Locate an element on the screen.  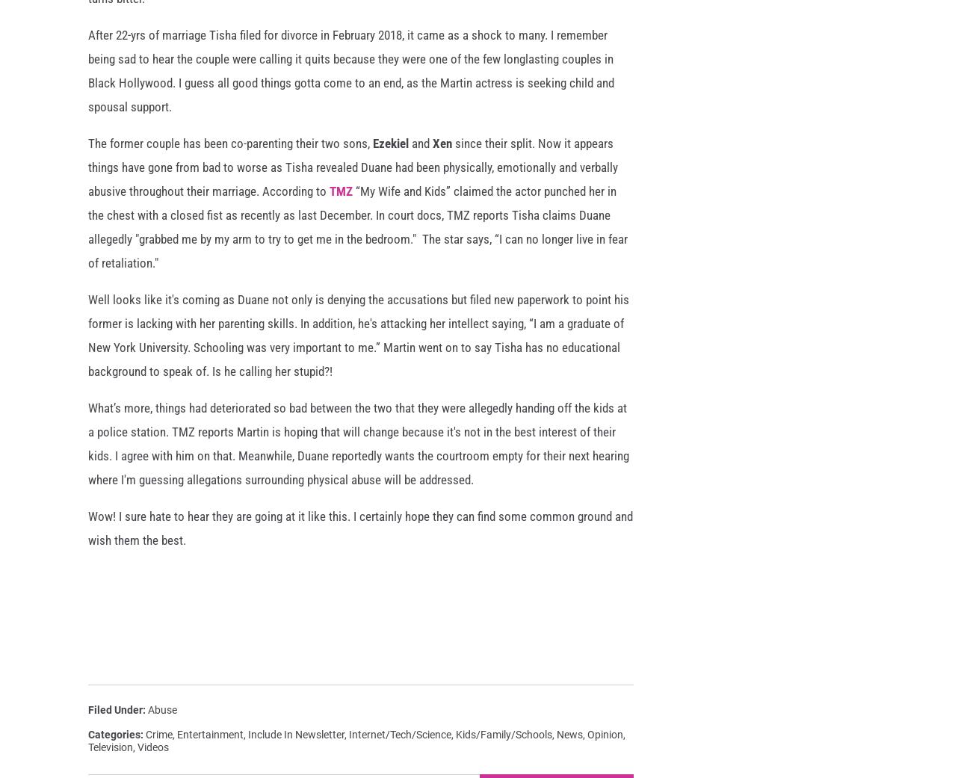
'Filed Under' is located at coordinates (115, 720).